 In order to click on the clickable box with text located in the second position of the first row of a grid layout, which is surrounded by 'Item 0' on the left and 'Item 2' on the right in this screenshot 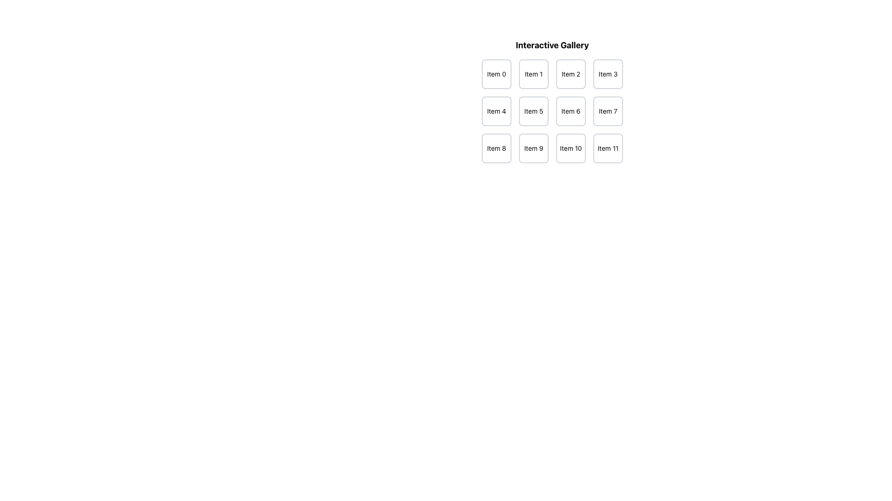, I will do `click(533, 73)`.